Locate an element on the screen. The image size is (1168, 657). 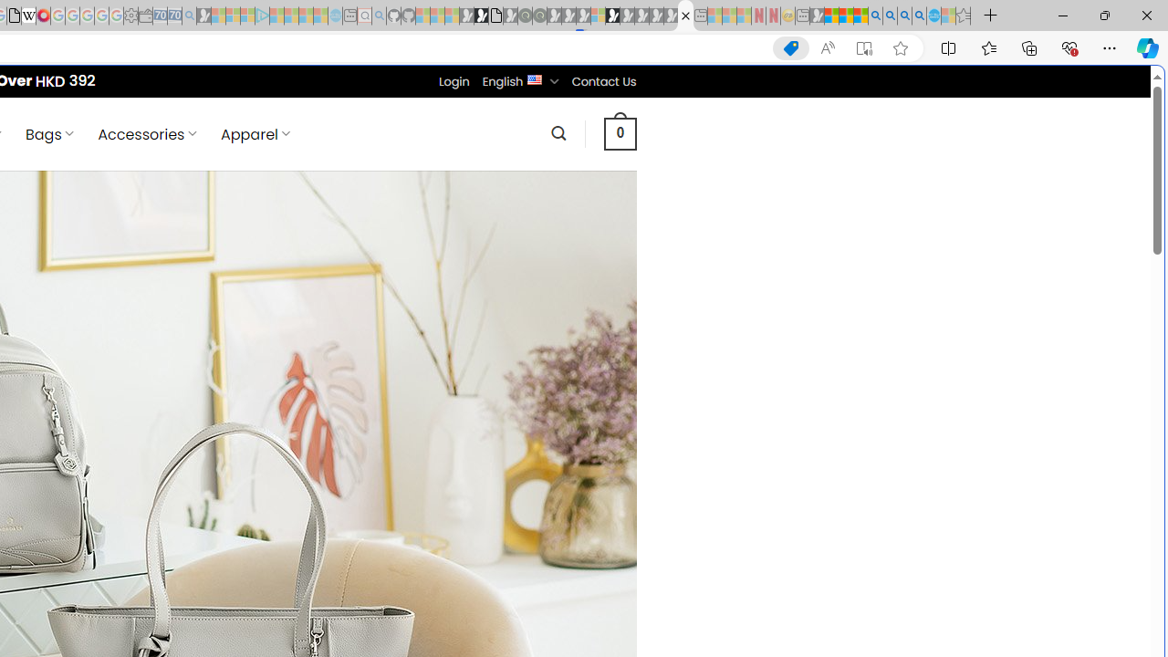
'Cheap Car Rentals - Save70.com - Sleeping' is located at coordinates (174, 16).